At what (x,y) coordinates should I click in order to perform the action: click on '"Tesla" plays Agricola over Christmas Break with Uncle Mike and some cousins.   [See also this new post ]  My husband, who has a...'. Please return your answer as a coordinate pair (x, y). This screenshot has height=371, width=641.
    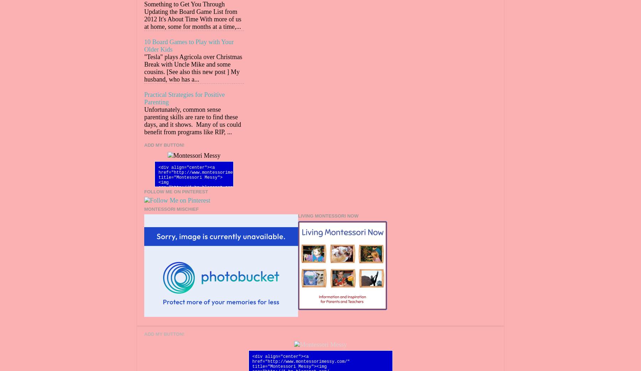
    Looking at the image, I should click on (144, 68).